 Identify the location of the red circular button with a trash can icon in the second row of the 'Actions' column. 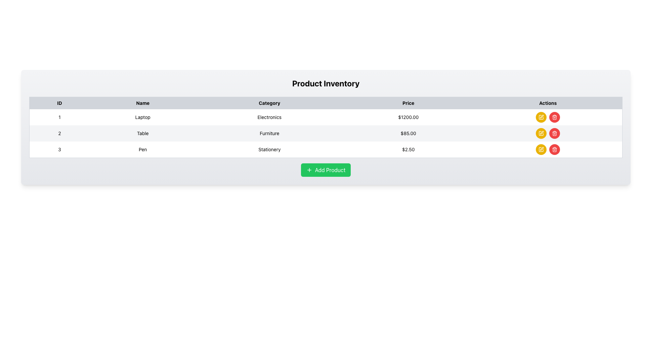
(555, 133).